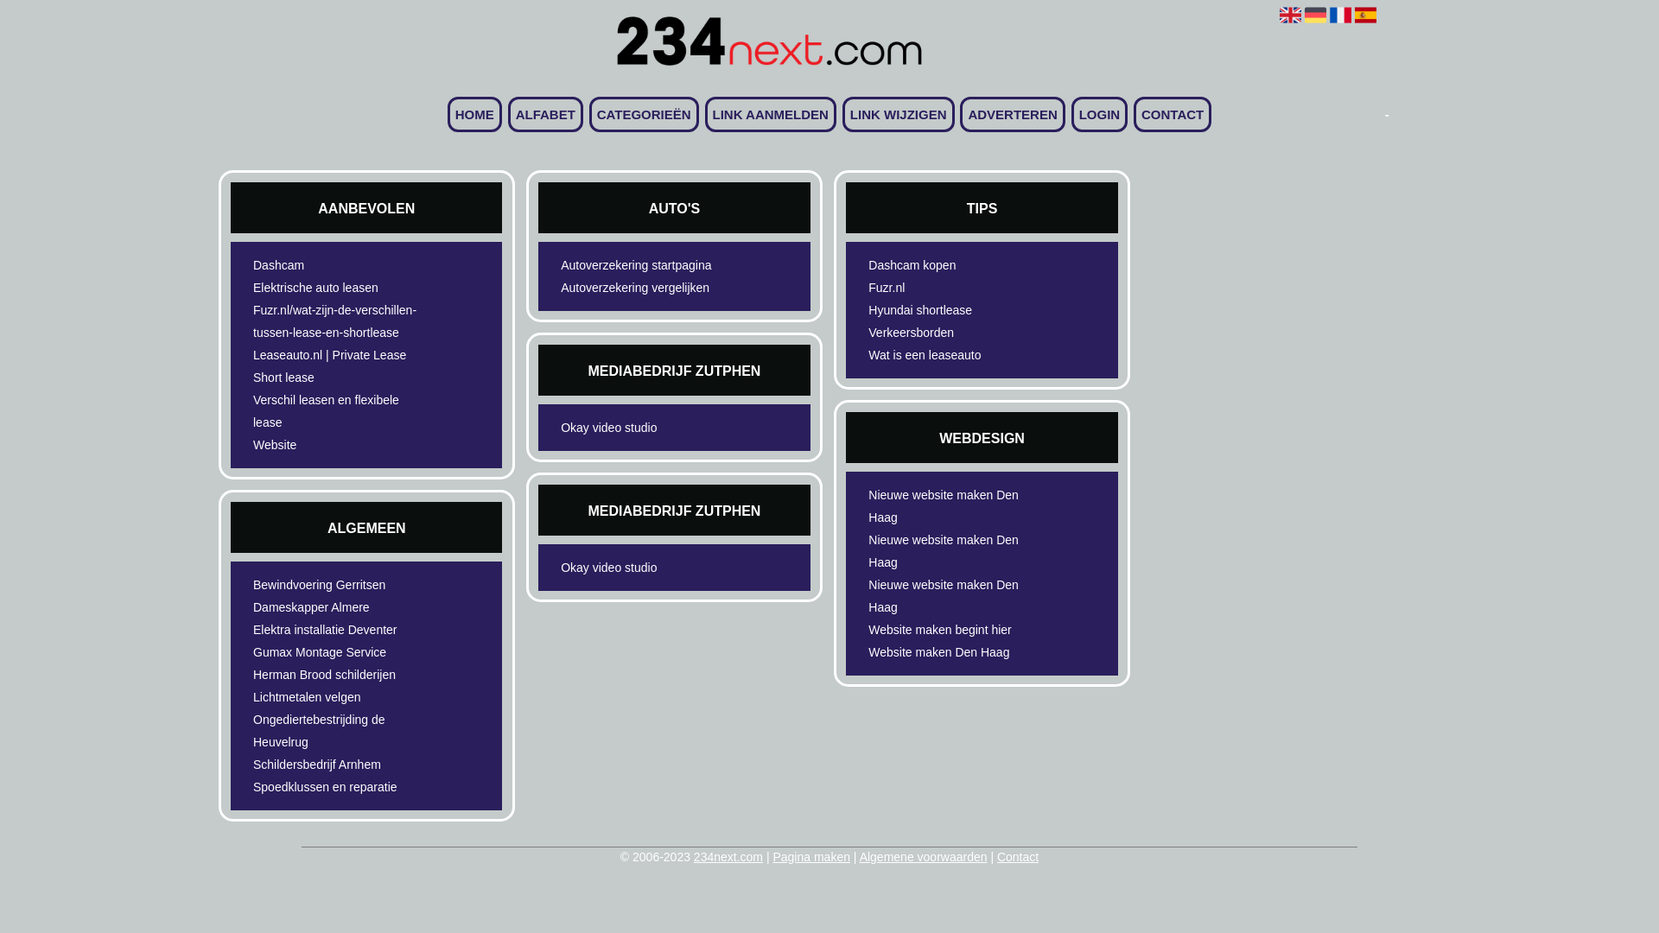 This screenshot has width=1659, height=933. I want to click on 'Elektrische auto leasen', so click(336, 286).